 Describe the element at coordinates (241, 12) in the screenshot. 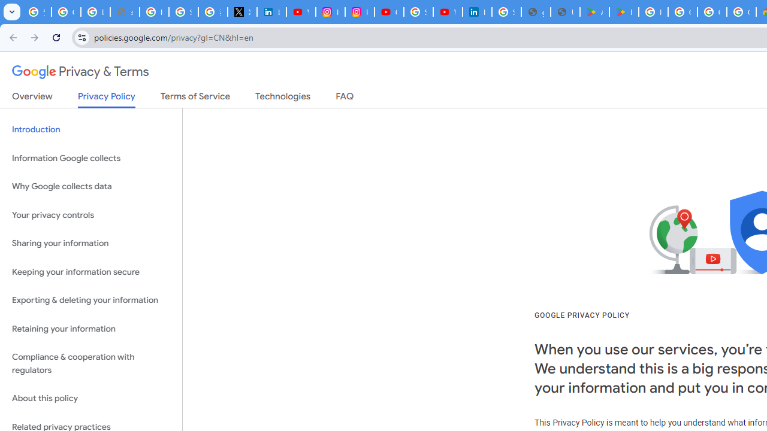

I see `'X'` at that location.